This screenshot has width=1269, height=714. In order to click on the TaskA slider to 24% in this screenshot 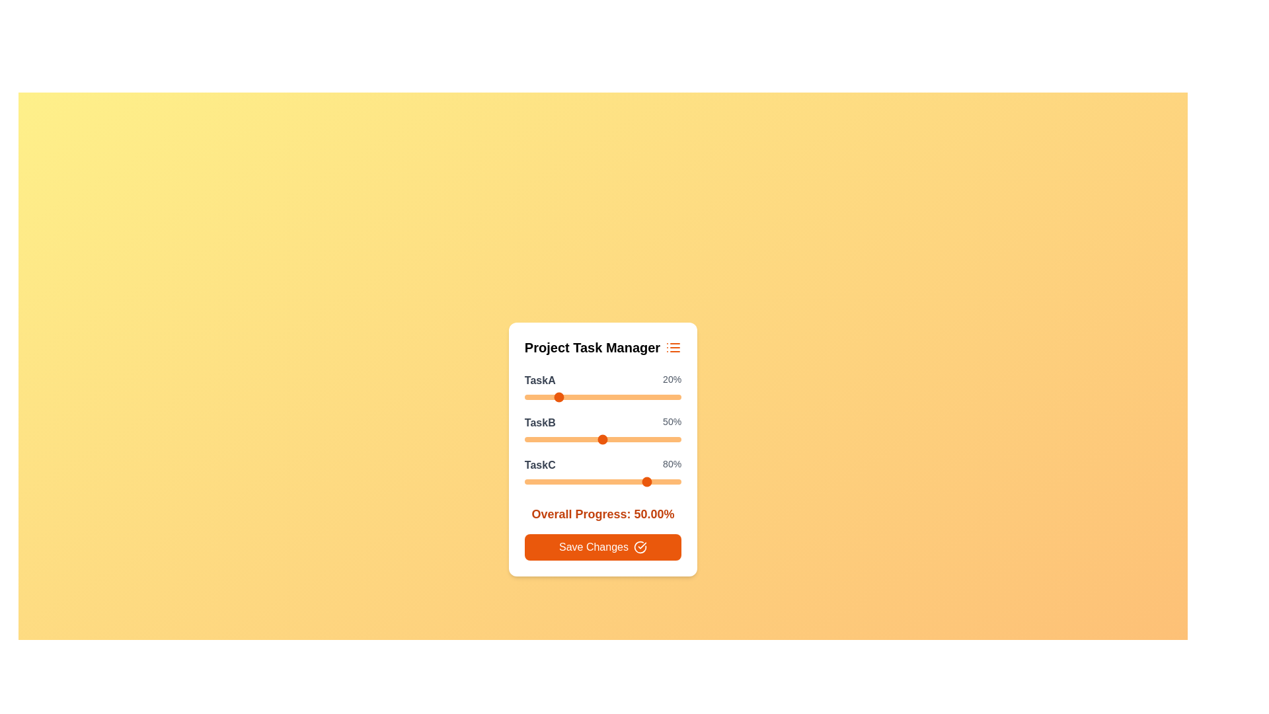, I will do `click(562, 397)`.